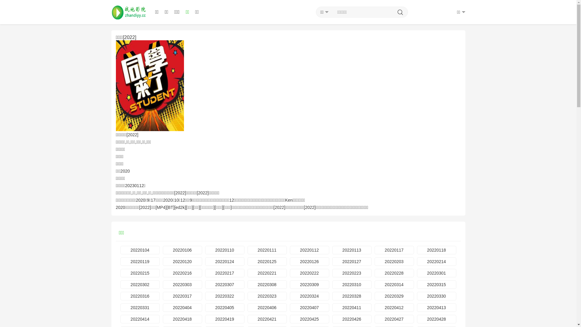 The image size is (581, 327). I want to click on '20220331', so click(140, 307).